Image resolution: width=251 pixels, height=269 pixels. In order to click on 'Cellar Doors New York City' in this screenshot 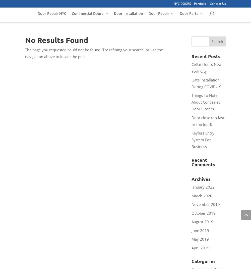, I will do `click(206, 68)`.